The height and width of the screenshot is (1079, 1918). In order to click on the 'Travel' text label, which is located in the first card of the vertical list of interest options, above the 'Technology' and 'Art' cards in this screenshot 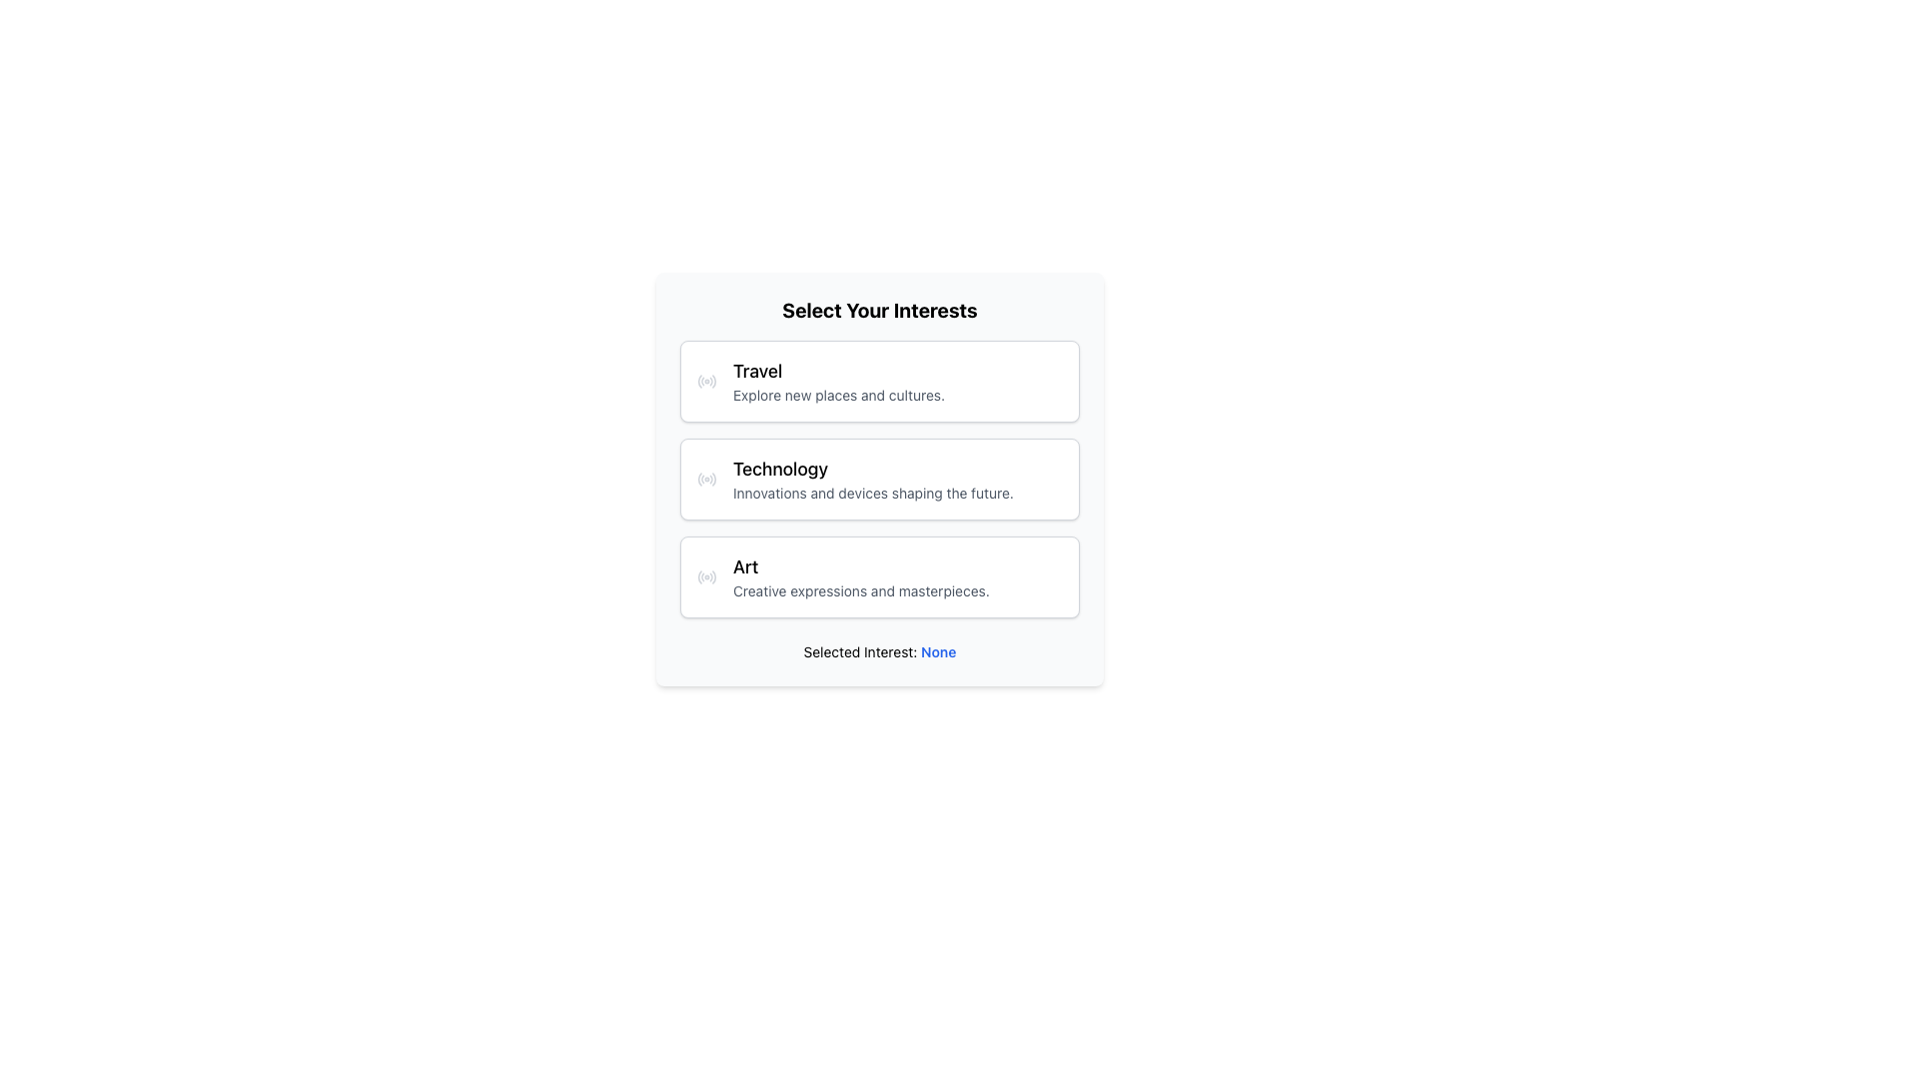, I will do `click(839, 381)`.